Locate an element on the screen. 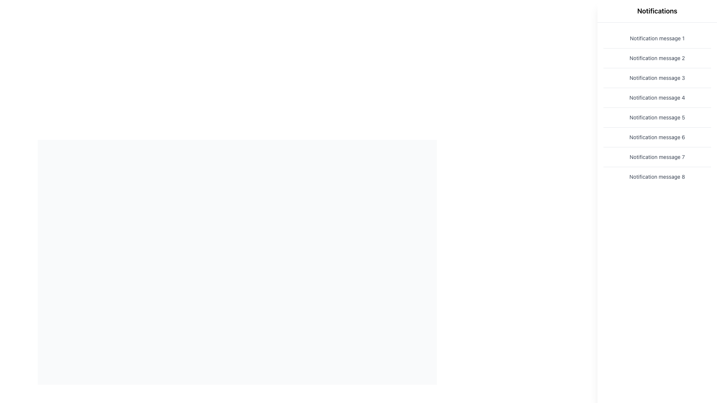 This screenshot has height=403, width=717. the static text element displaying 'Notification message 8', which is the last item in a vertical list of notifications positioned at the bottom right of the interface is located at coordinates (657, 176).